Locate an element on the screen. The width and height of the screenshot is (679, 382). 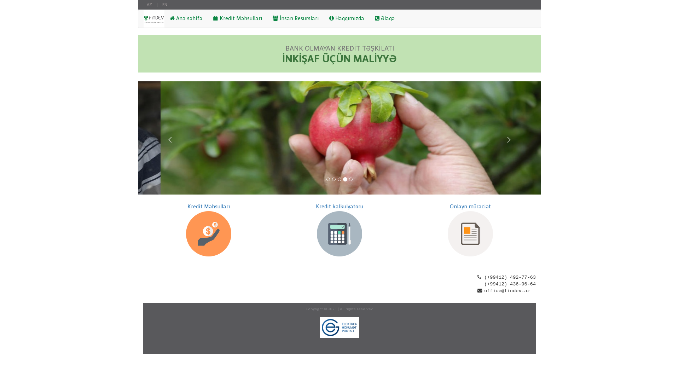
'AZ' is located at coordinates (149, 5).